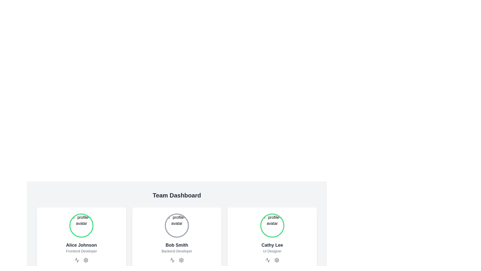 This screenshot has height=271, width=481. I want to click on the text label displaying 'Cathy Lee' located in the bottom section of the third profile card, above 'UI Designer' and below the circular avatar placeholder, so click(272, 245).